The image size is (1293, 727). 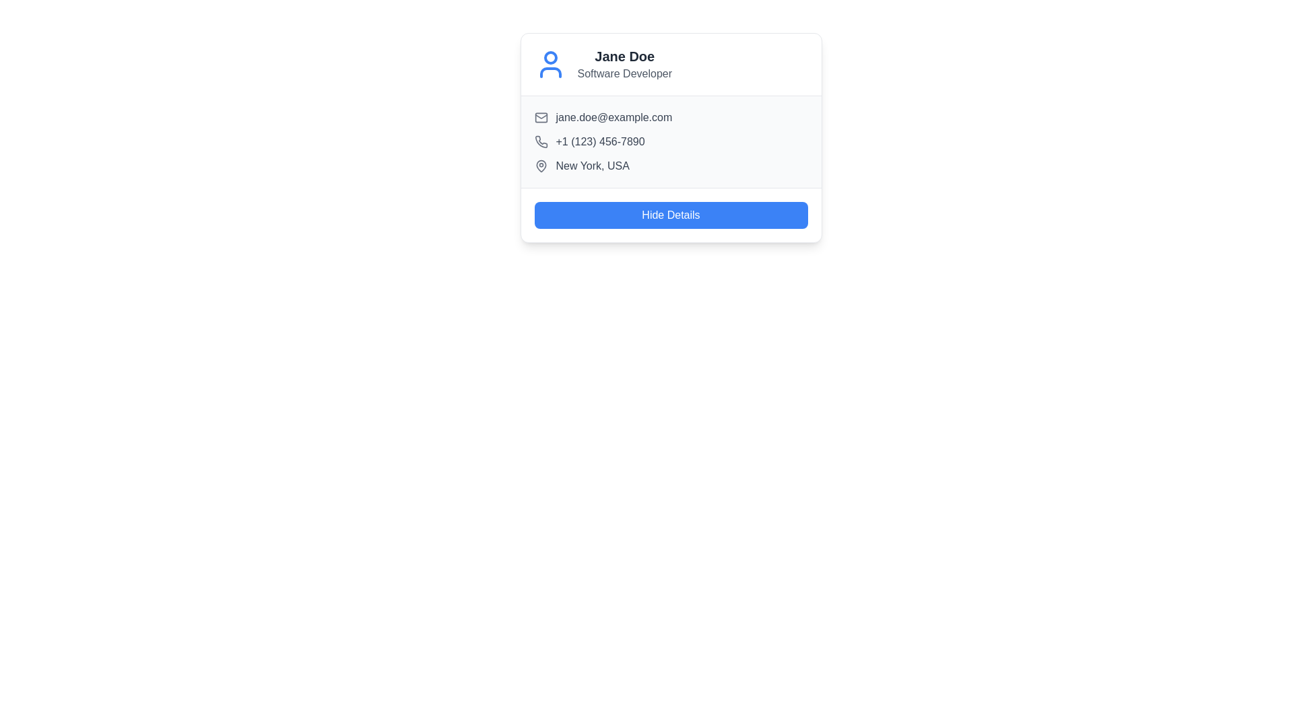 I want to click on user's name label displayed at the top of the user profile card for styling details, so click(x=624, y=56).